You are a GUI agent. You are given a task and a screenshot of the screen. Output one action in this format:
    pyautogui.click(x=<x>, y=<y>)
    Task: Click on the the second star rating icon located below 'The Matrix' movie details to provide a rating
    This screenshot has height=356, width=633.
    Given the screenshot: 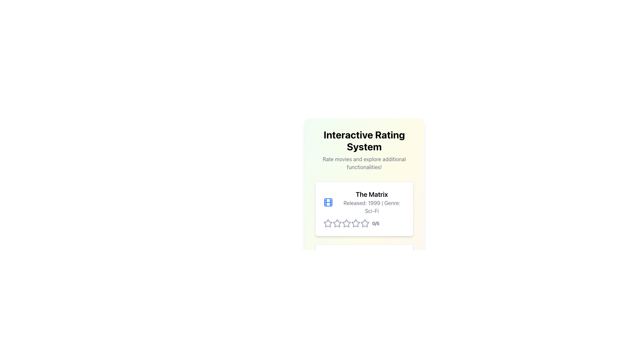 What is the action you would take?
    pyautogui.click(x=346, y=223)
    